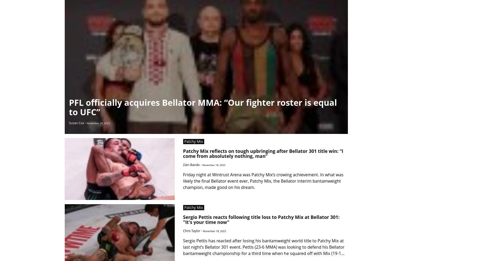 The width and height of the screenshot is (500, 261). Describe the element at coordinates (203, 107) in the screenshot. I see `'PFL officially acquires Bellator MMA: “Our fighter roster is equal to UFC”'` at that location.